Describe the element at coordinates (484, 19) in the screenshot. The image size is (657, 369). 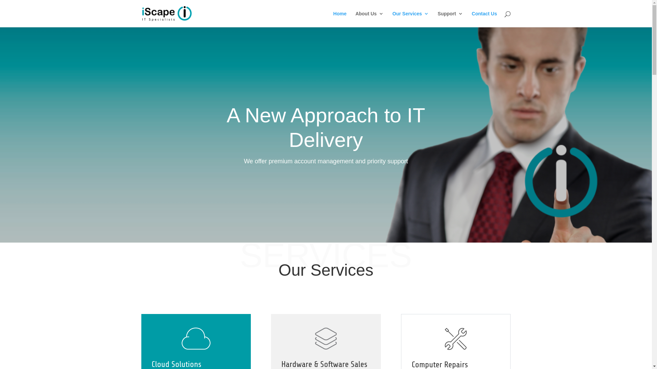
I see `'Contact Us'` at that location.